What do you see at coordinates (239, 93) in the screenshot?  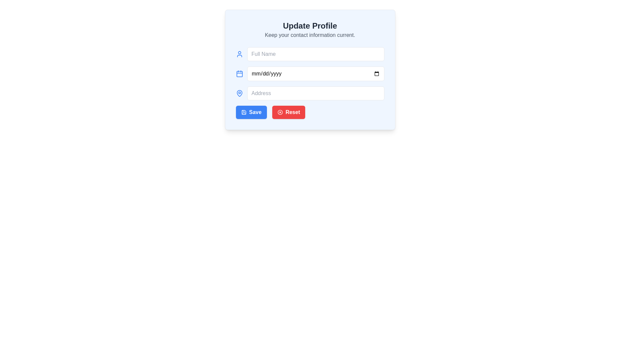 I see `the blue pin-shaped decorative SVG icon located in the top-left corner of the 'Address' input field` at bounding box center [239, 93].